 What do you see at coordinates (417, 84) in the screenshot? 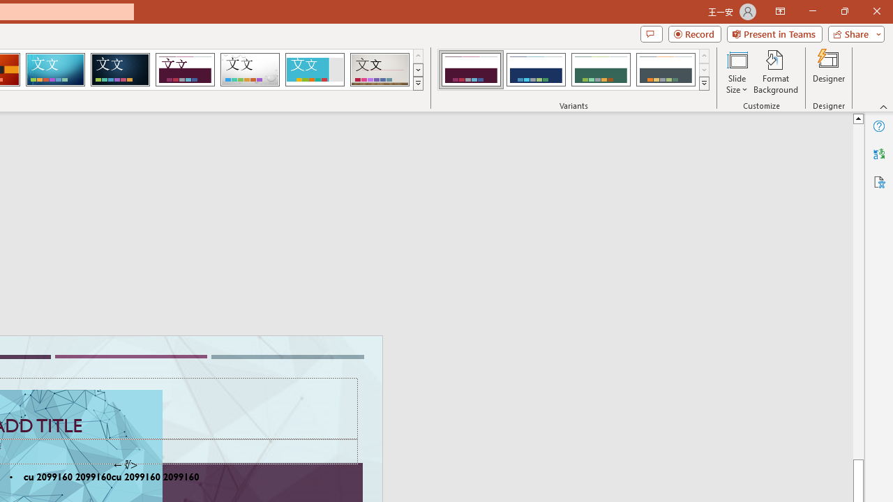
I see `'Themes'` at bounding box center [417, 84].